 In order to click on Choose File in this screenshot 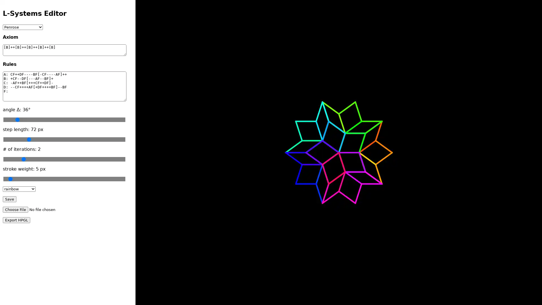, I will do `click(15, 210)`.